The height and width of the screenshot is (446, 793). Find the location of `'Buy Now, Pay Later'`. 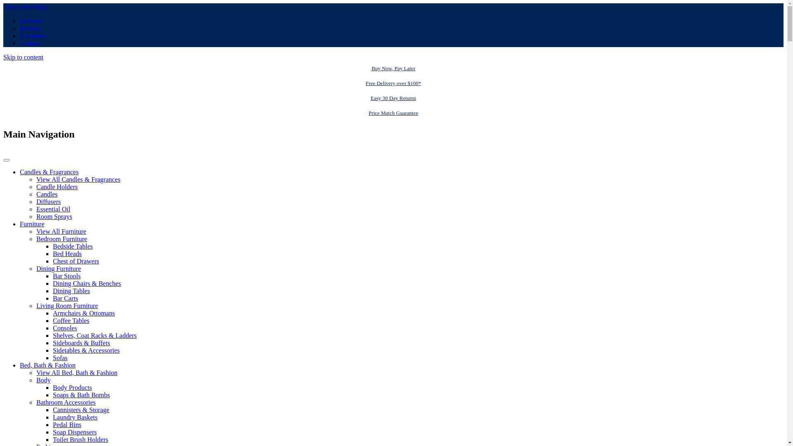

'Buy Now, Pay Later' is located at coordinates (393, 68).